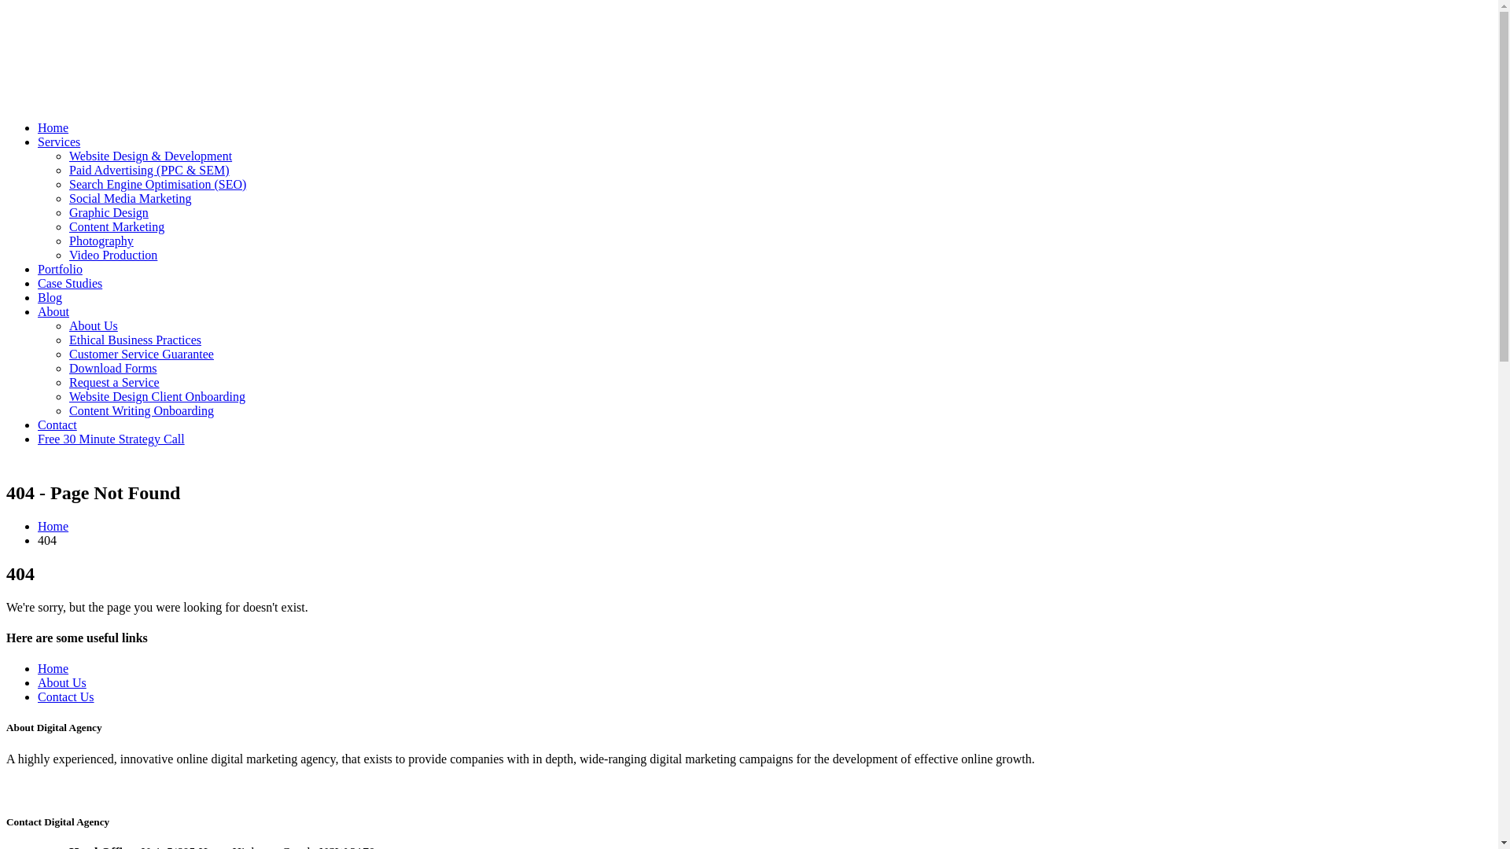 The height and width of the screenshot is (849, 1510). Describe the element at coordinates (60, 268) in the screenshot. I see `'Portfolio'` at that location.